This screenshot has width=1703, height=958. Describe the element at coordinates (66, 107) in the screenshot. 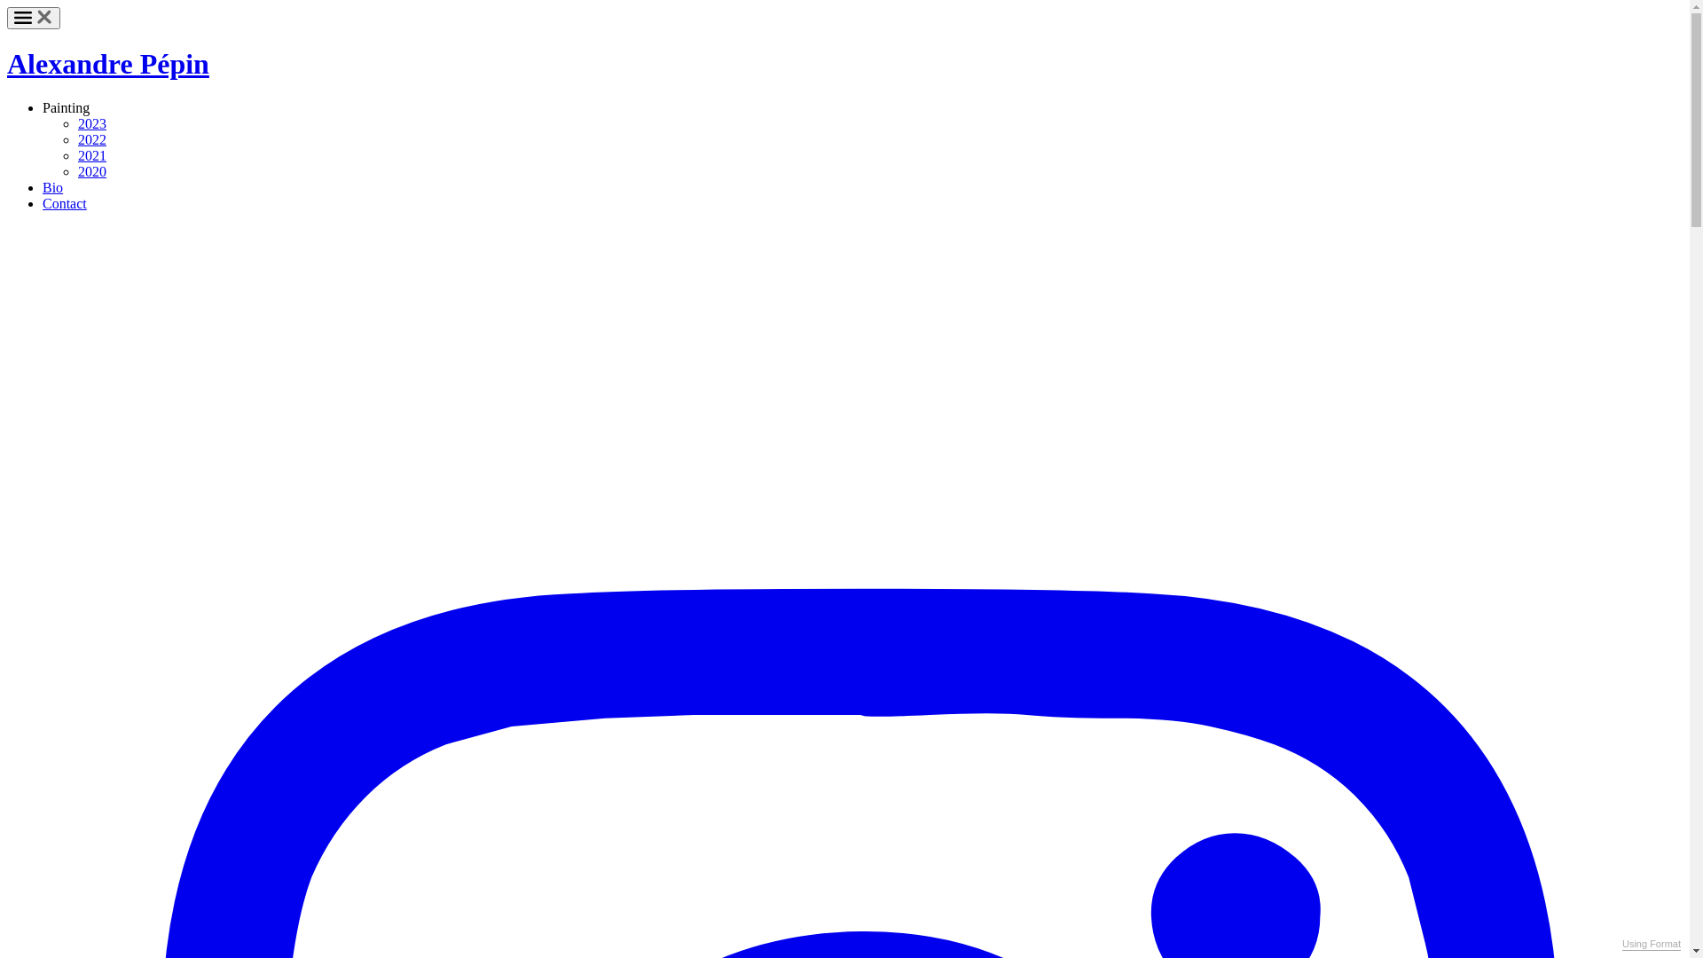

I see `'Painting'` at that location.